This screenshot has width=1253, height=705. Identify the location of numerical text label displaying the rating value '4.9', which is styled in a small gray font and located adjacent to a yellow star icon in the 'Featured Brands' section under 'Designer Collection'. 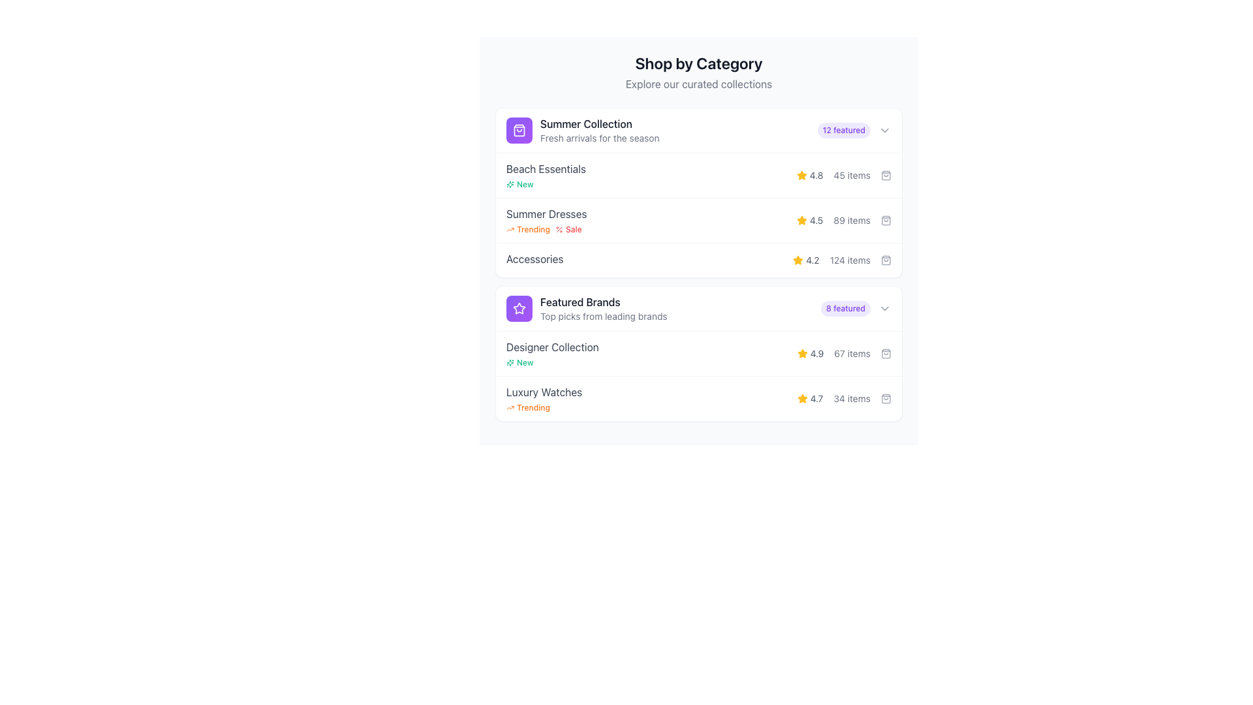
(816, 354).